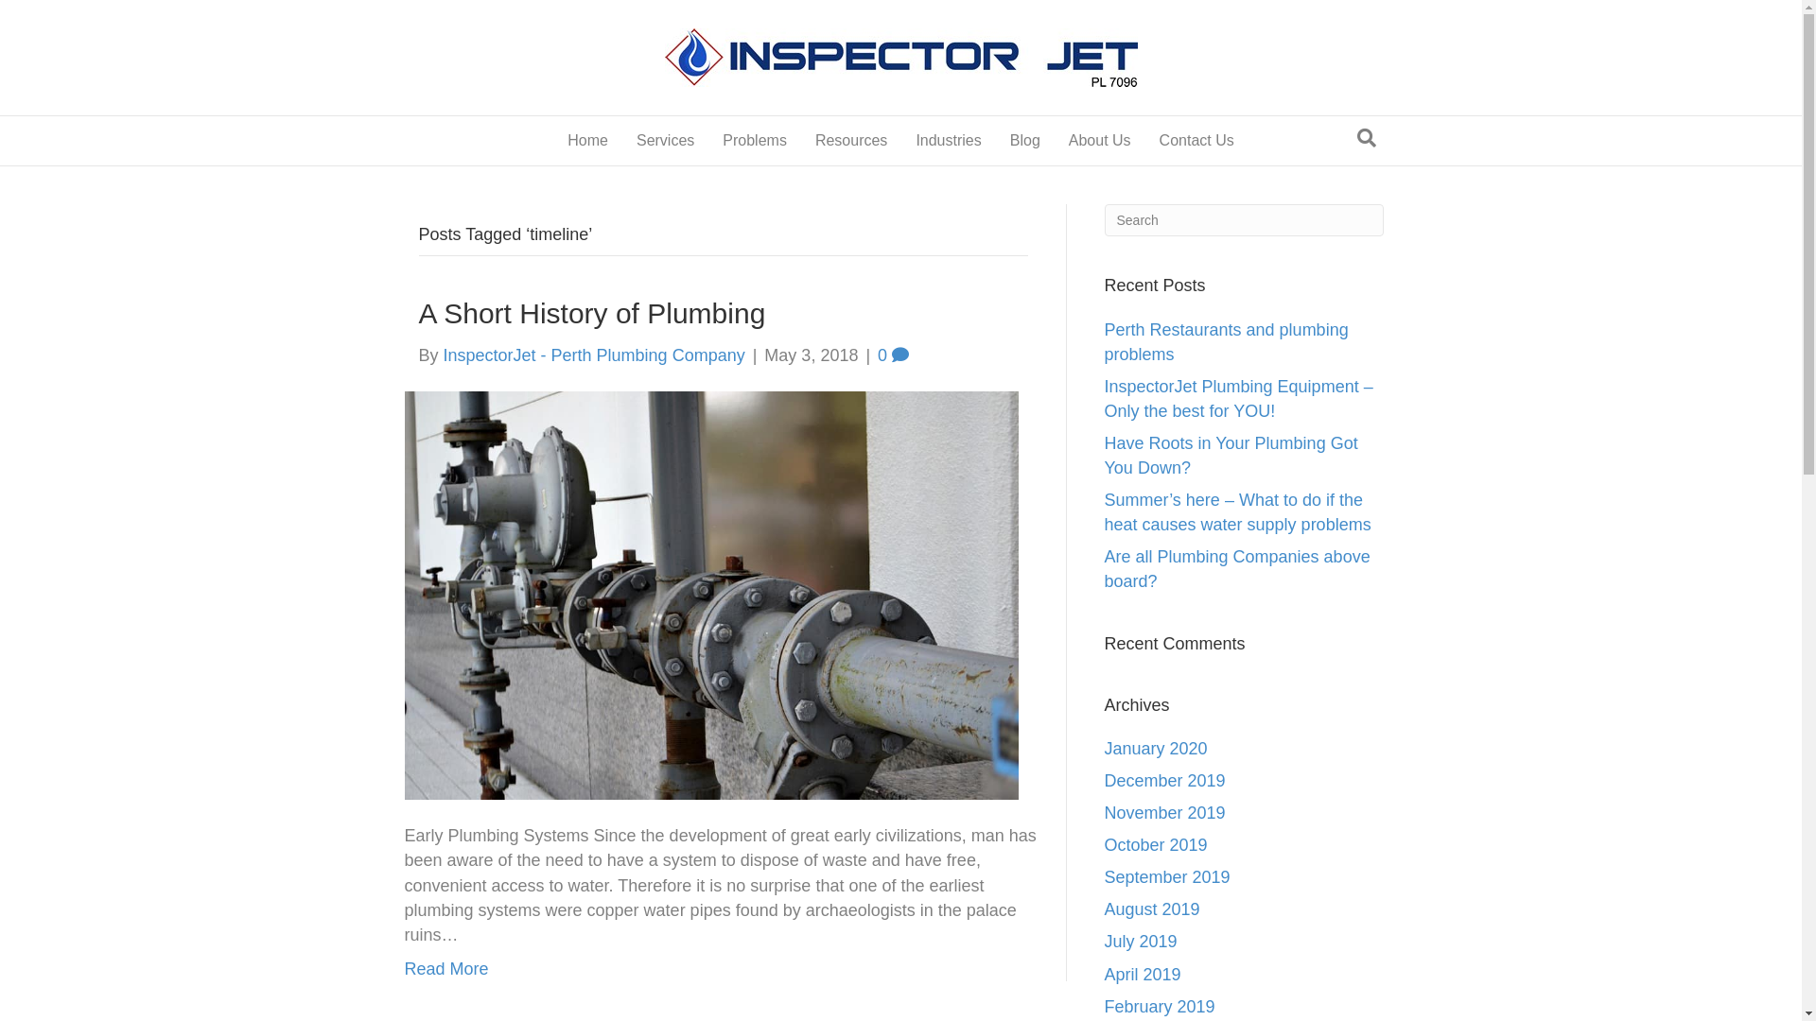  I want to click on 'Perth Restaurants and plumbing problems', so click(1104, 342).